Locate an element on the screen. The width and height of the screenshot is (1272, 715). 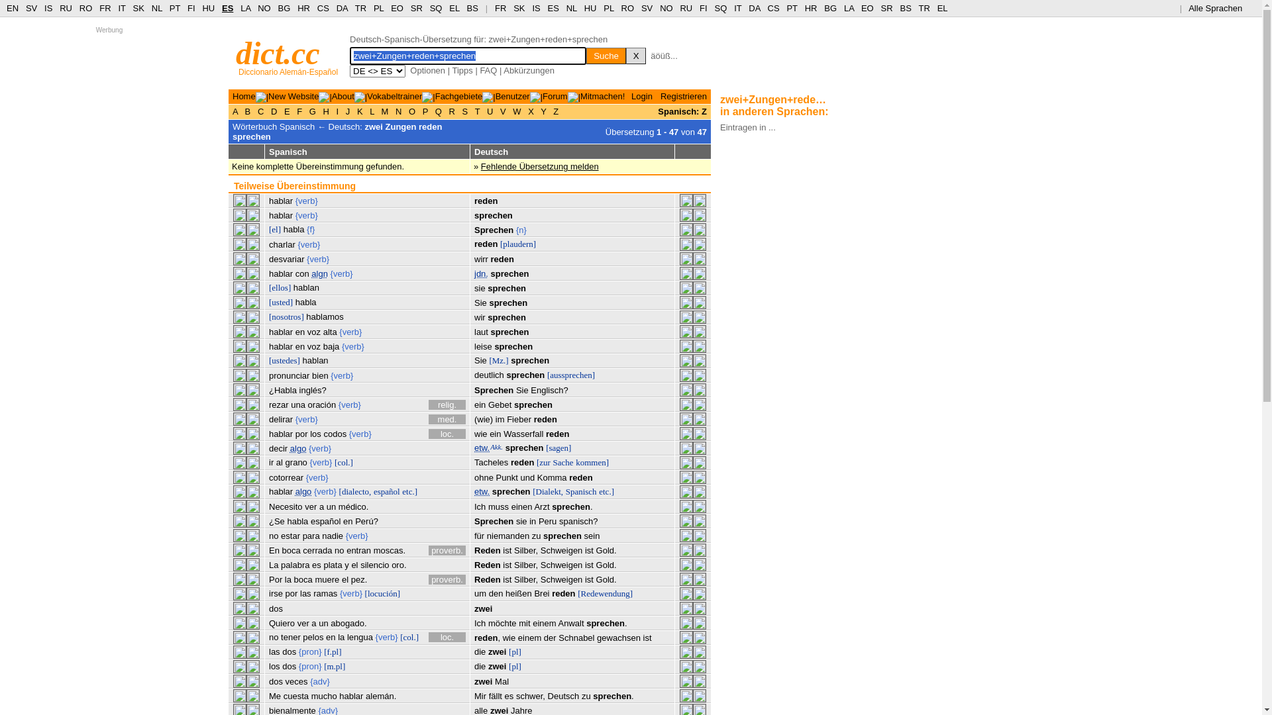
'E' is located at coordinates (281, 111).